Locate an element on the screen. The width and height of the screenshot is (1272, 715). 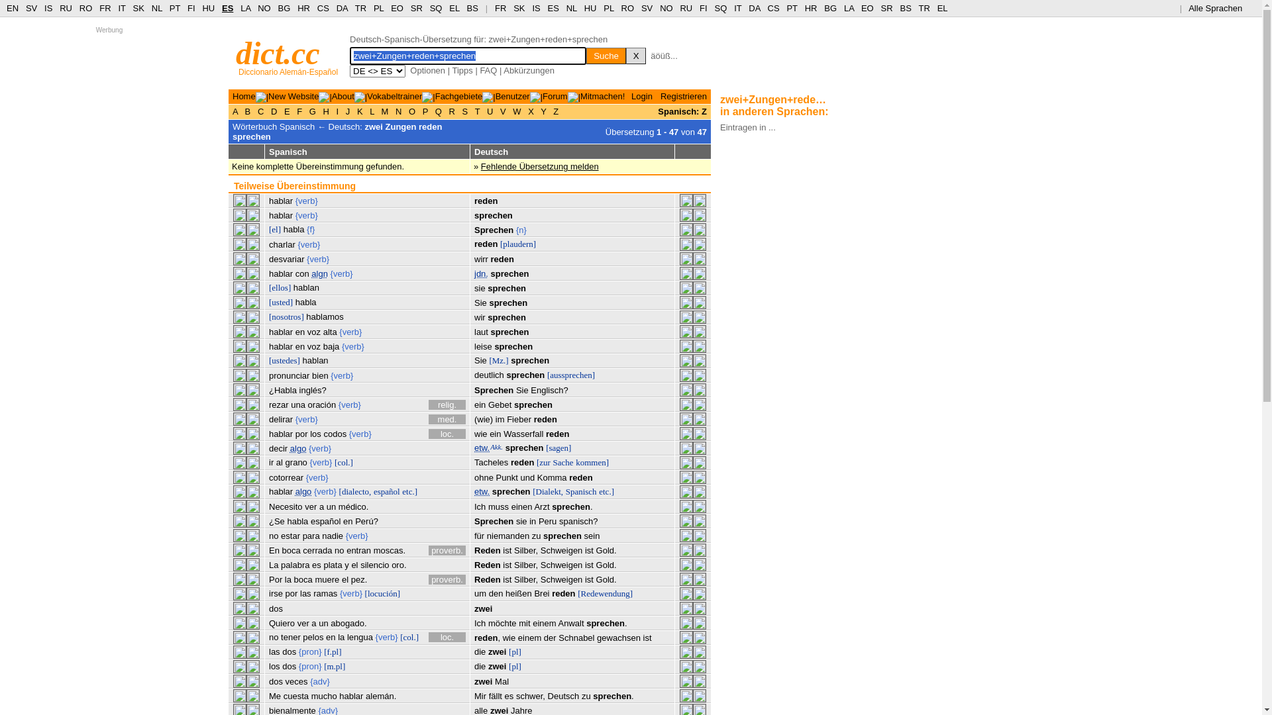
'E' is located at coordinates (281, 111).